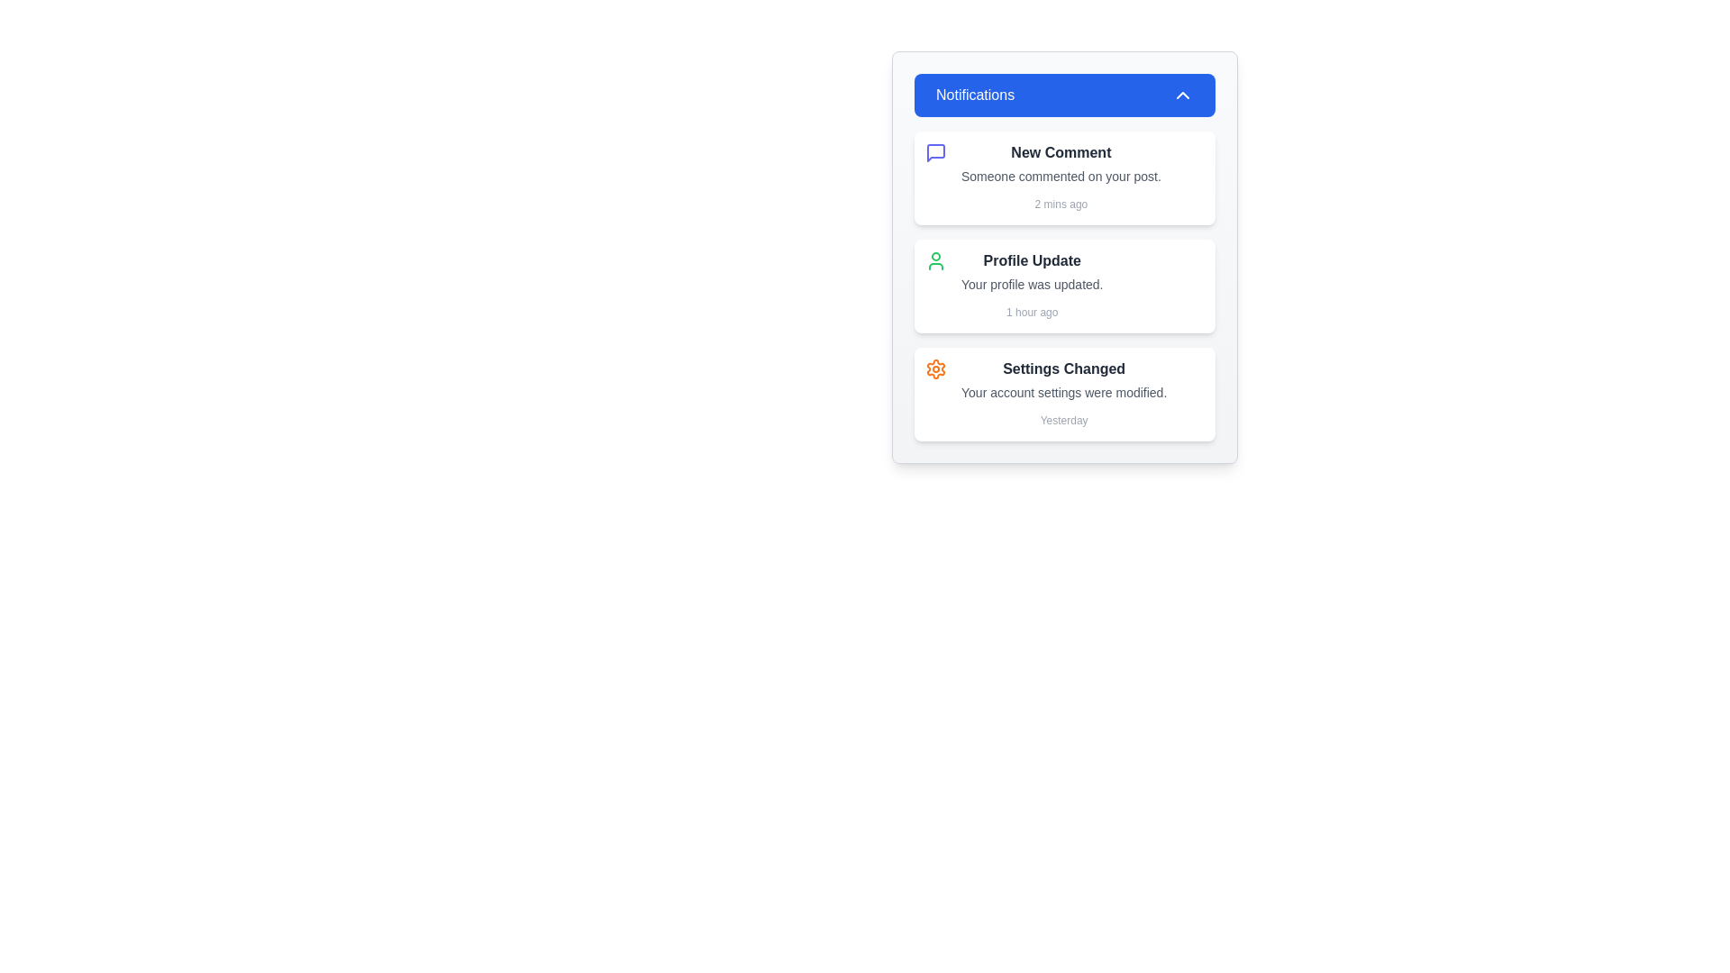 The width and height of the screenshot is (1730, 973). What do you see at coordinates (1183, 95) in the screenshot?
I see `the small upward chevron arrow icon located at the top right corner of the blue header bar next to the 'Notifications' label` at bounding box center [1183, 95].